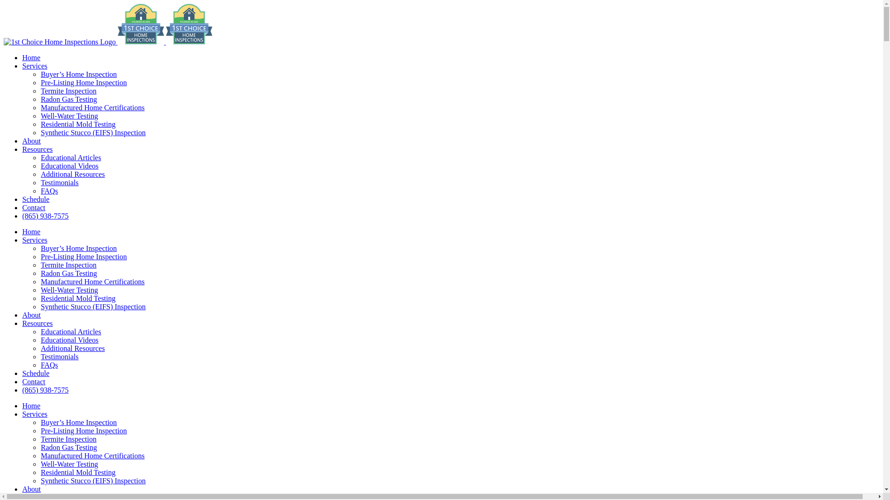 The image size is (890, 500). What do you see at coordinates (49, 190) in the screenshot?
I see `'FAQs'` at bounding box center [49, 190].